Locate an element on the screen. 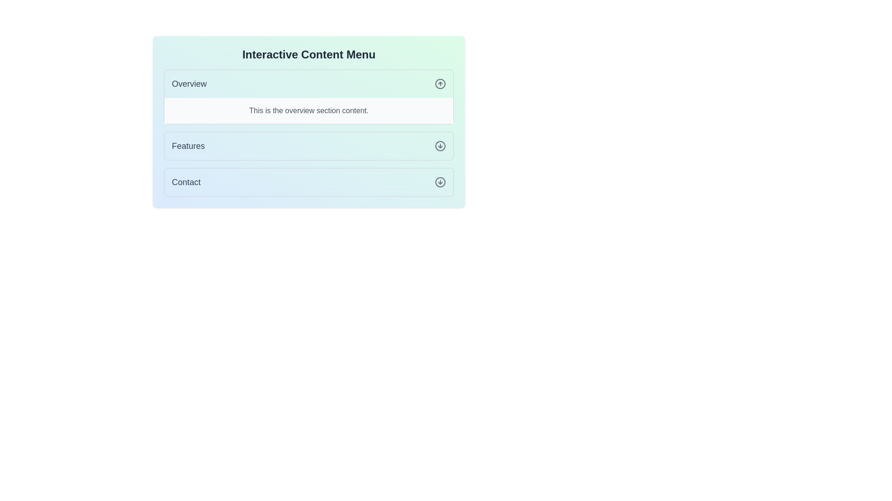 The image size is (892, 501). the icon located to the right of the 'Features' button is located at coordinates (440, 146).